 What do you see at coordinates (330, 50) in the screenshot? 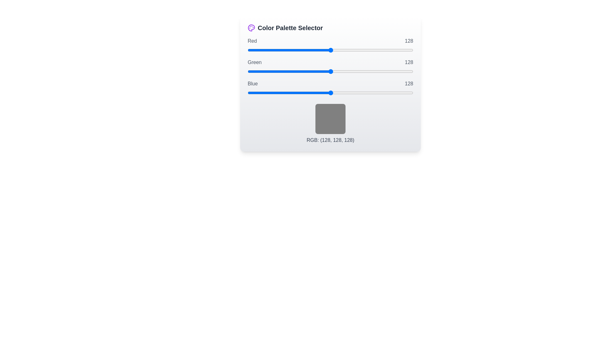
I see `the 0 slider to 19 to observe the color preview box update` at bounding box center [330, 50].